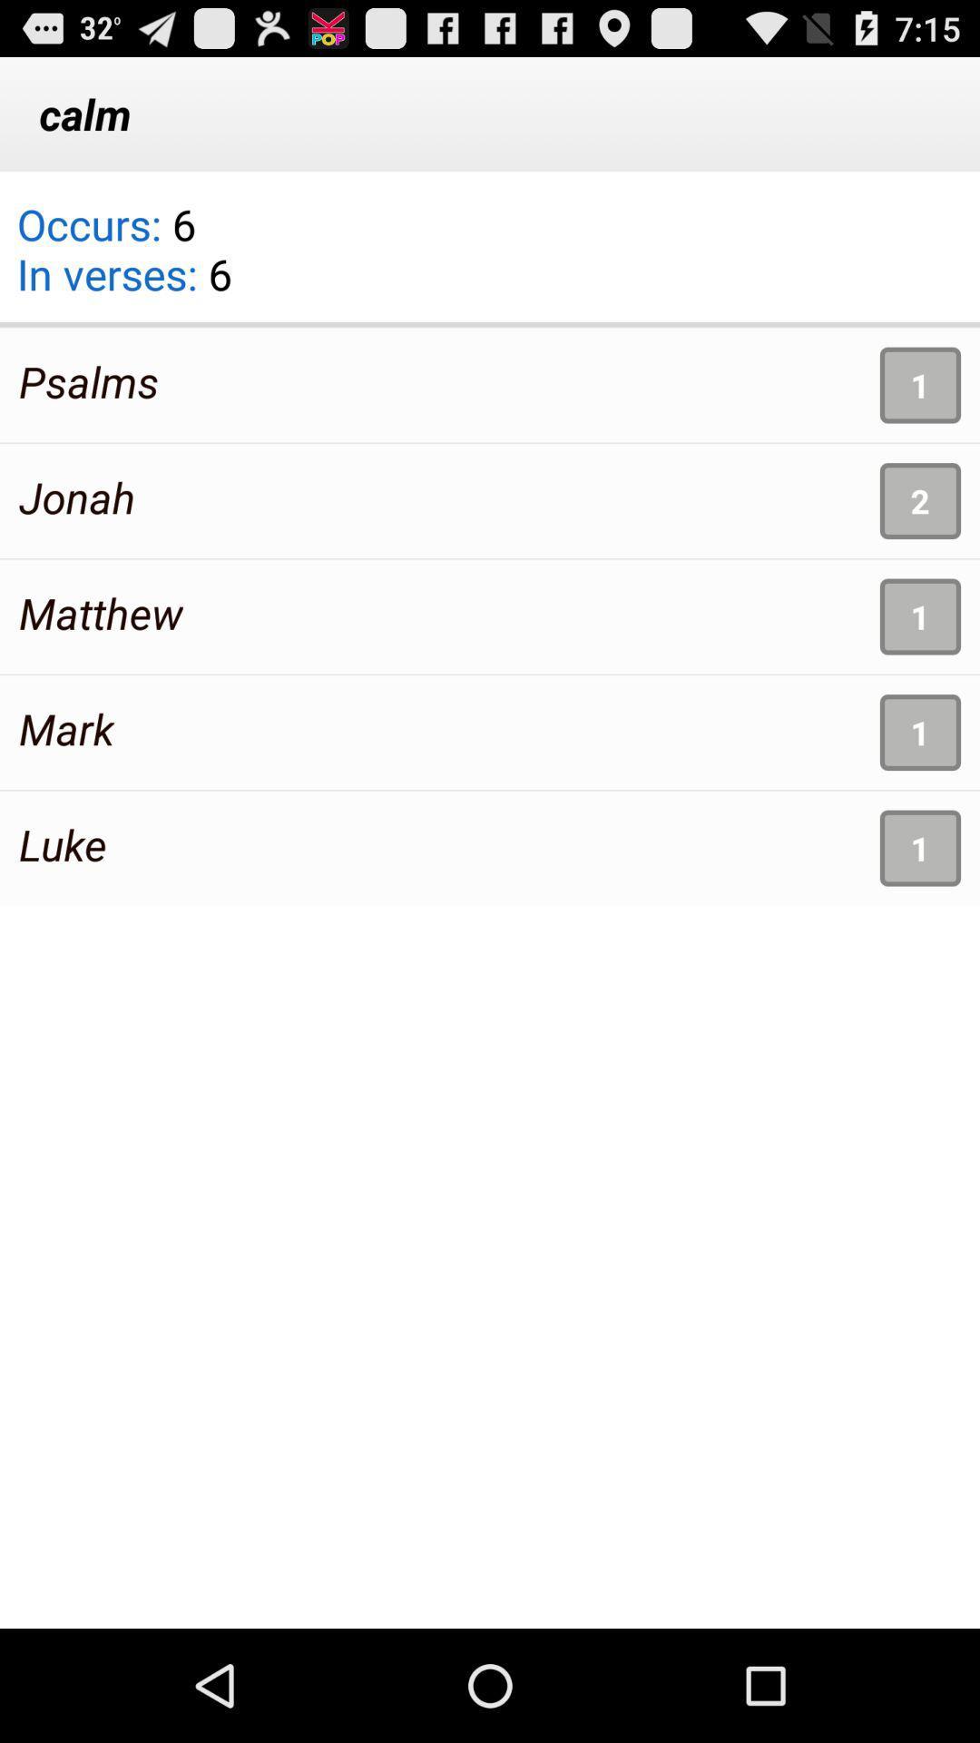 Image resolution: width=980 pixels, height=1743 pixels. What do you see at coordinates (76, 497) in the screenshot?
I see `the icon below the psalms` at bounding box center [76, 497].